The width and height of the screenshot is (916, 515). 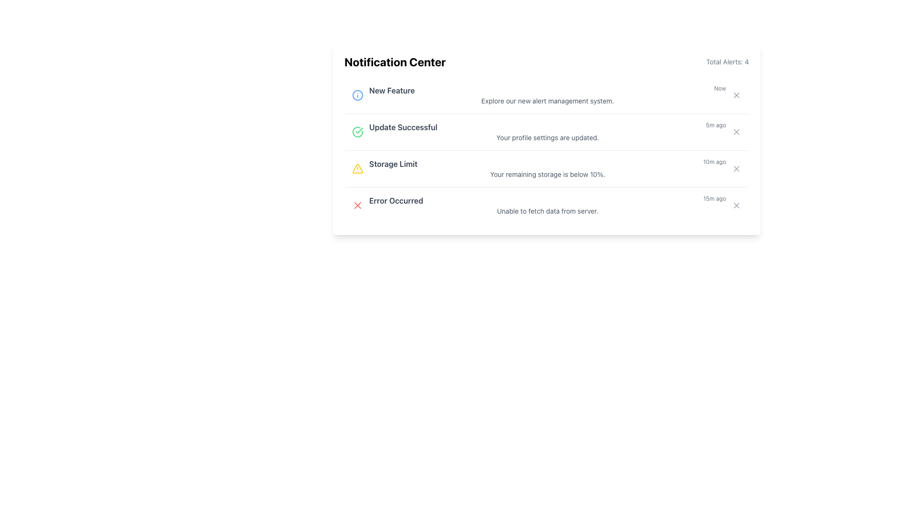 I want to click on the error by clicking on the last notification item in the notification center, which provides an error message and is positioned adjacent to a close button, so click(x=547, y=205).